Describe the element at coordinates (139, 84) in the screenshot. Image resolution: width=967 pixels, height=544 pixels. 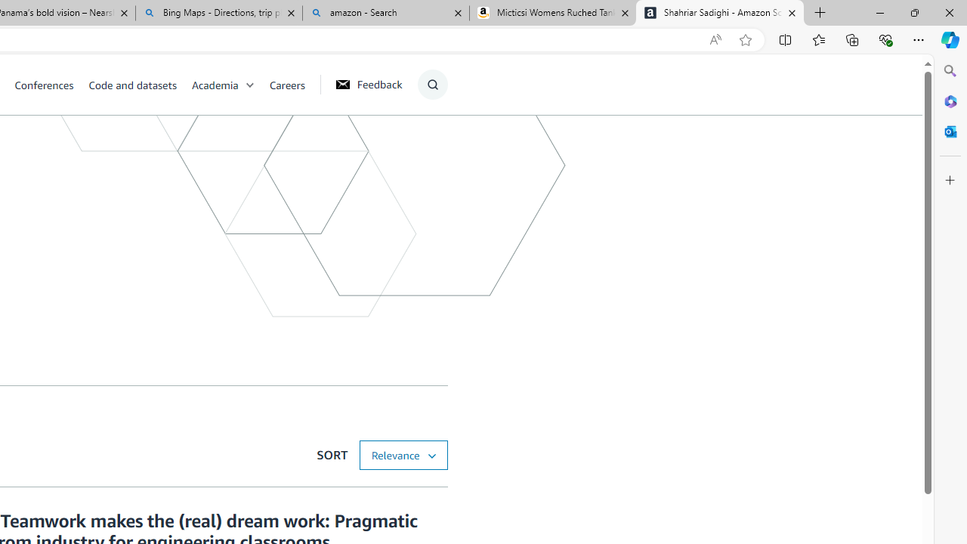
I see `'Code and datasets'` at that location.